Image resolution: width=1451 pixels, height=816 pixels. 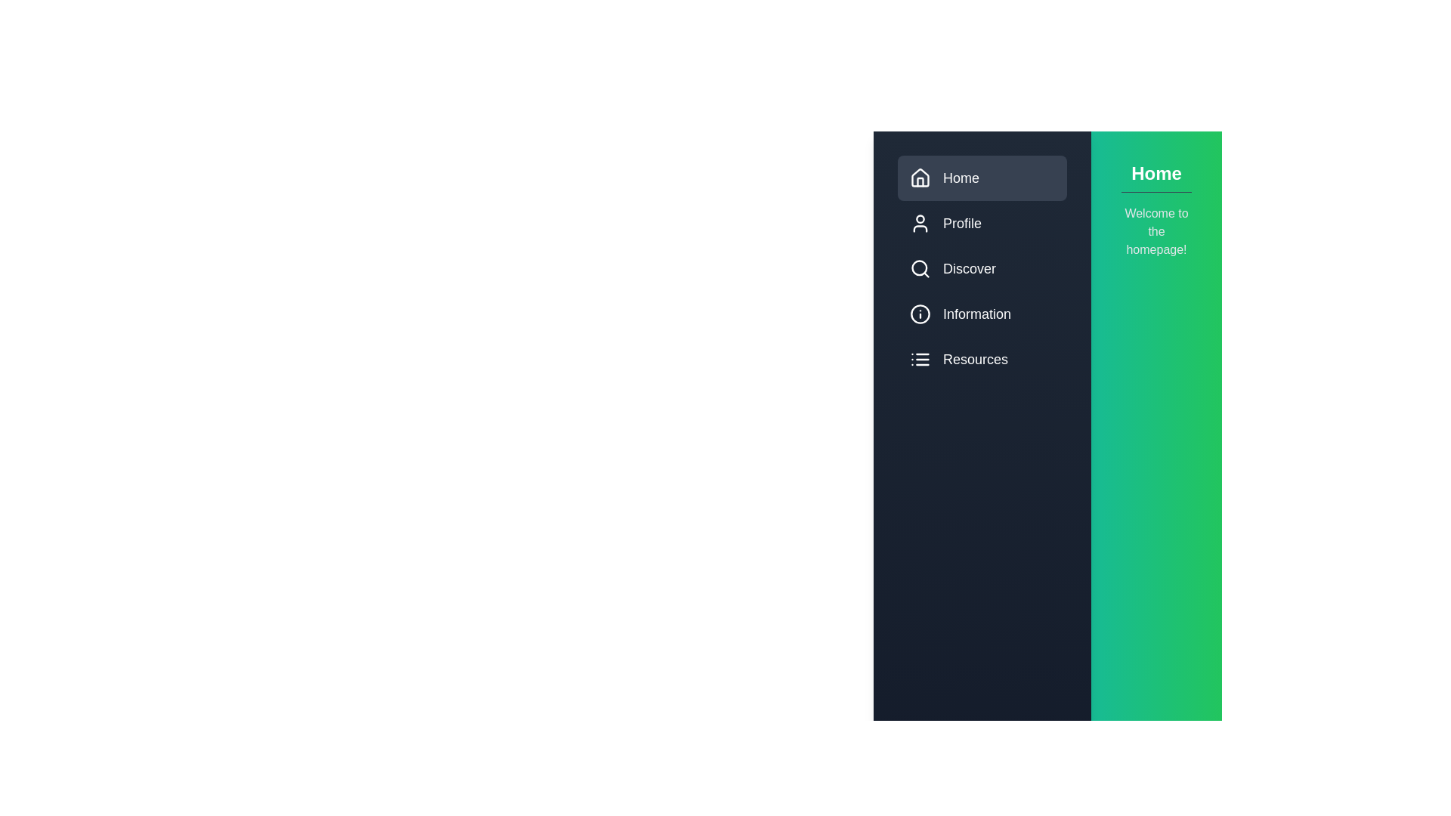 What do you see at coordinates (982, 267) in the screenshot?
I see `the menu item Discover to preview its interaction` at bounding box center [982, 267].